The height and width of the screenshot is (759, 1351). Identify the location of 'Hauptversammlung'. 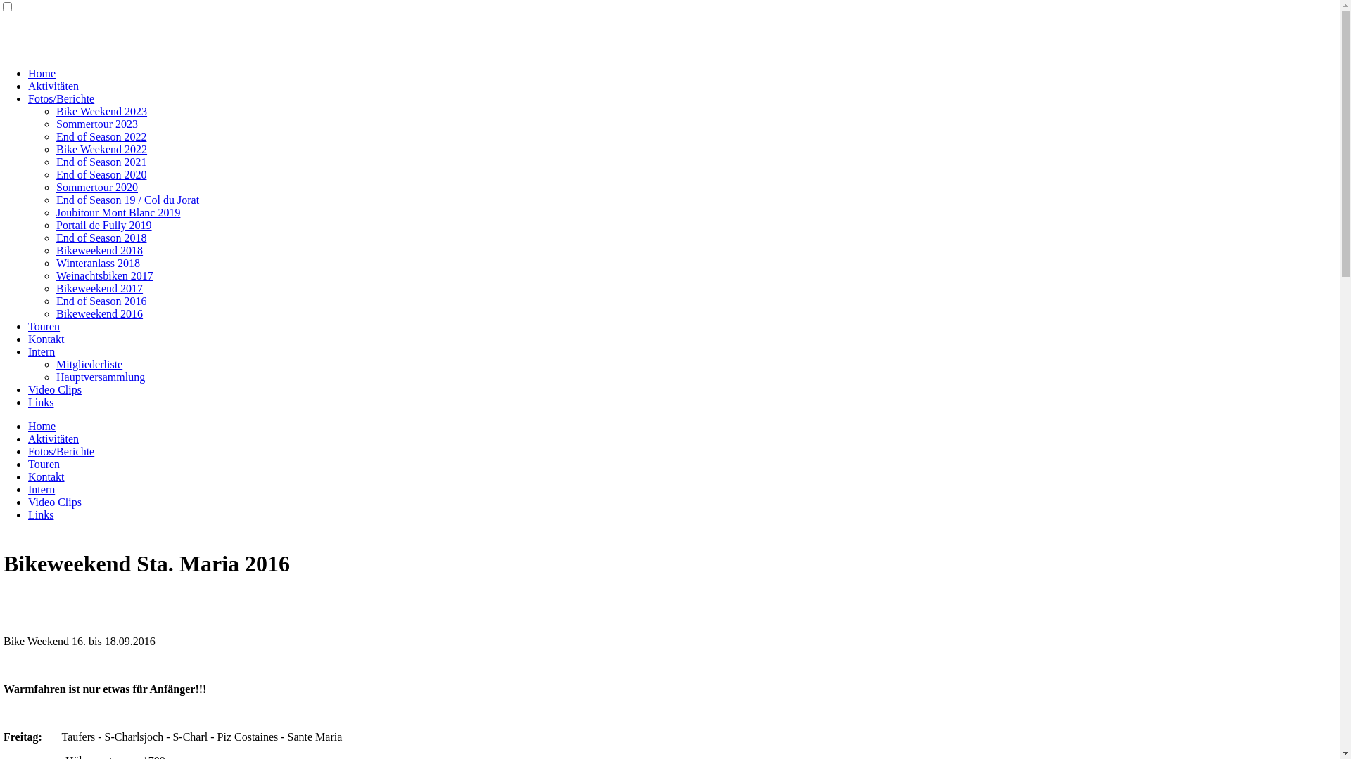
(100, 376).